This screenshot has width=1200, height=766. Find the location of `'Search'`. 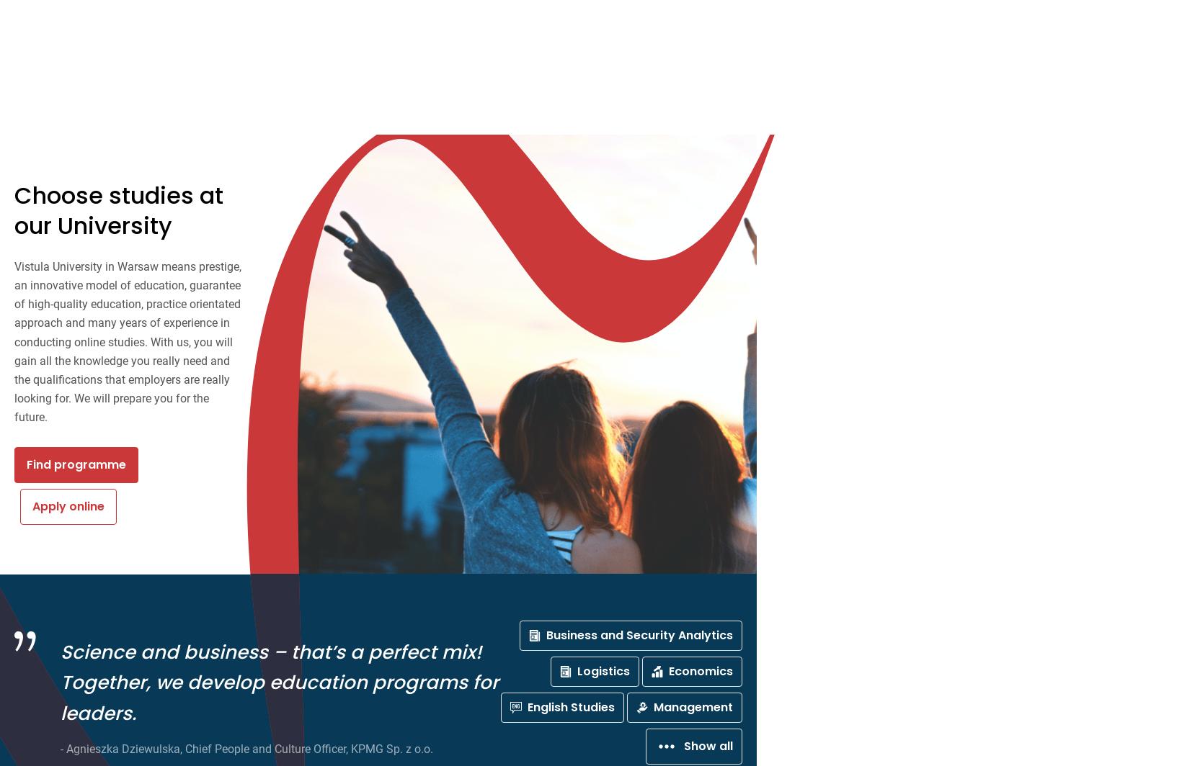

'Search' is located at coordinates (341, 16).